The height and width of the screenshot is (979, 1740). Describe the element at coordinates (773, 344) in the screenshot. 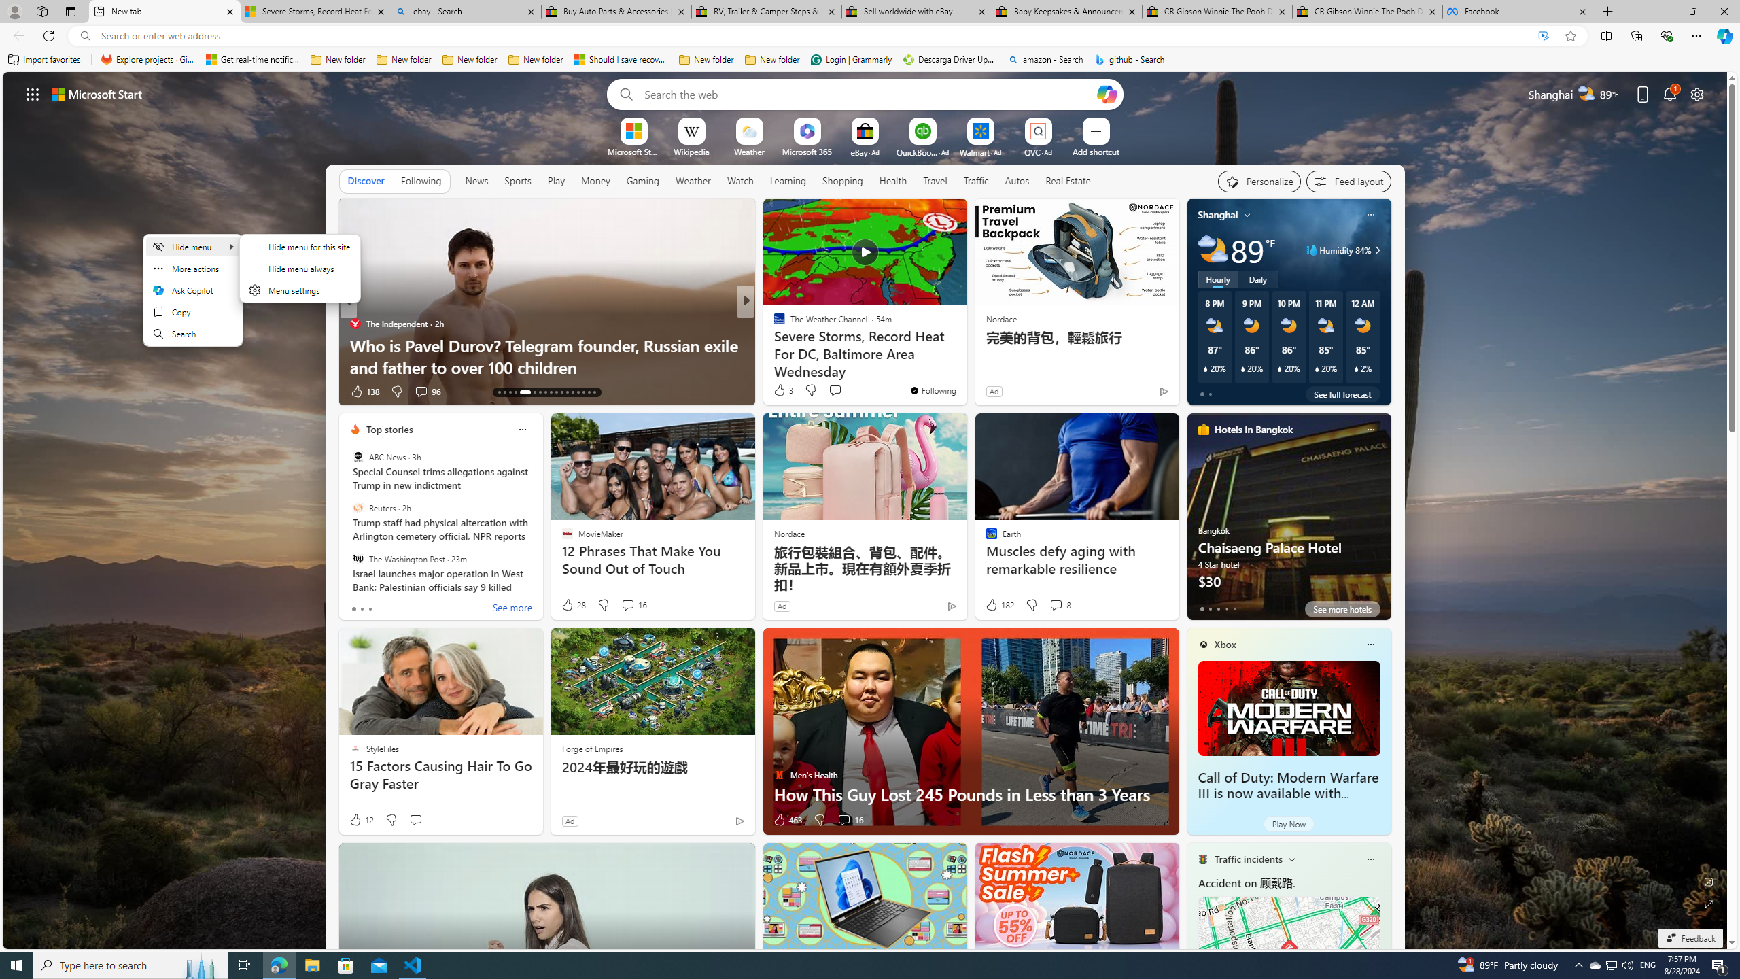

I see `'MUO'` at that location.